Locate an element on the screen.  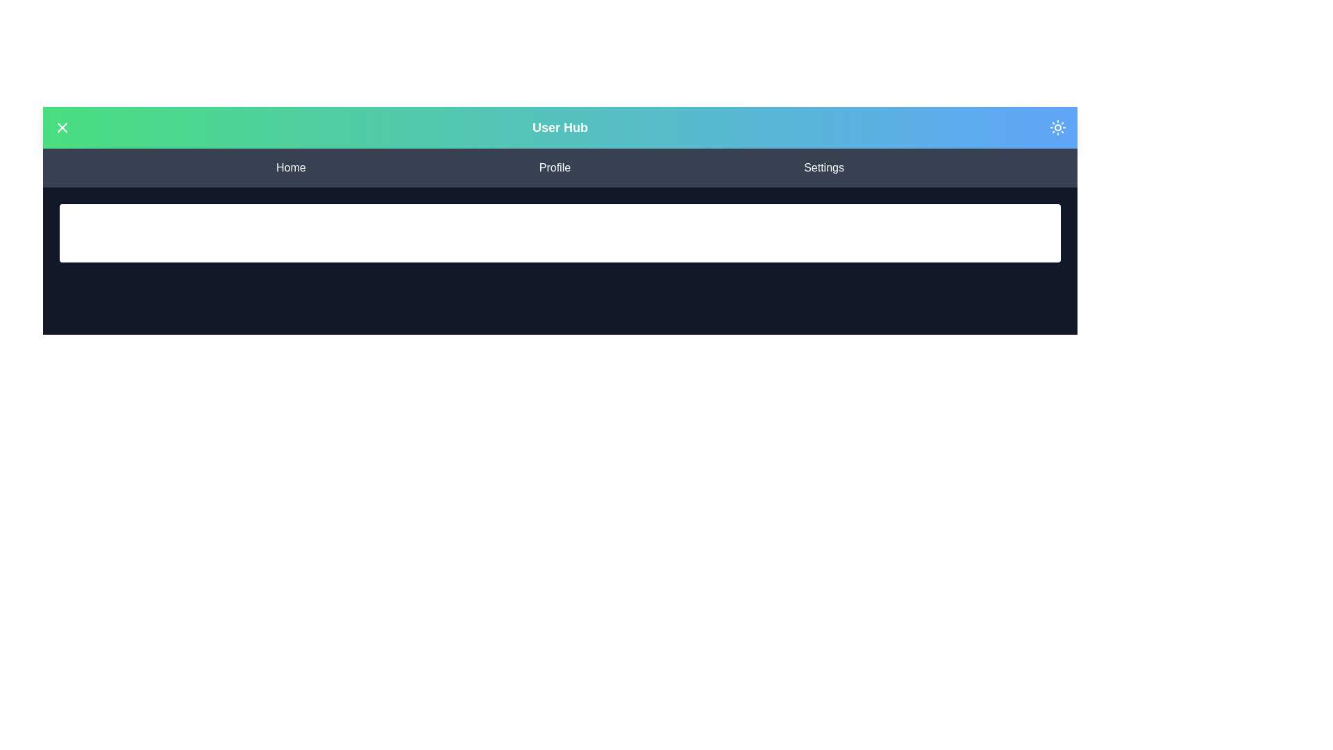
menu toggle button in the top-left corner of the app bar is located at coordinates (62, 128).